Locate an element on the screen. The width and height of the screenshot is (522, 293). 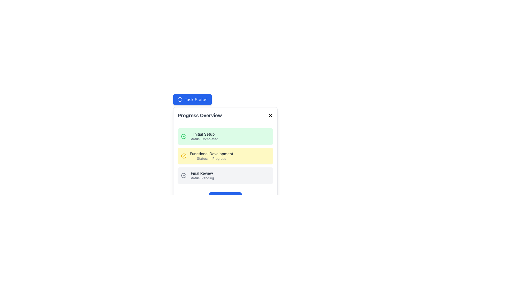
the circular green icon with a tick mark located in the 'Initial Setup' status box in the 'Progress Overview' modal, positioned above the 'Functional Development' task status is located at coordinates (184, 136).